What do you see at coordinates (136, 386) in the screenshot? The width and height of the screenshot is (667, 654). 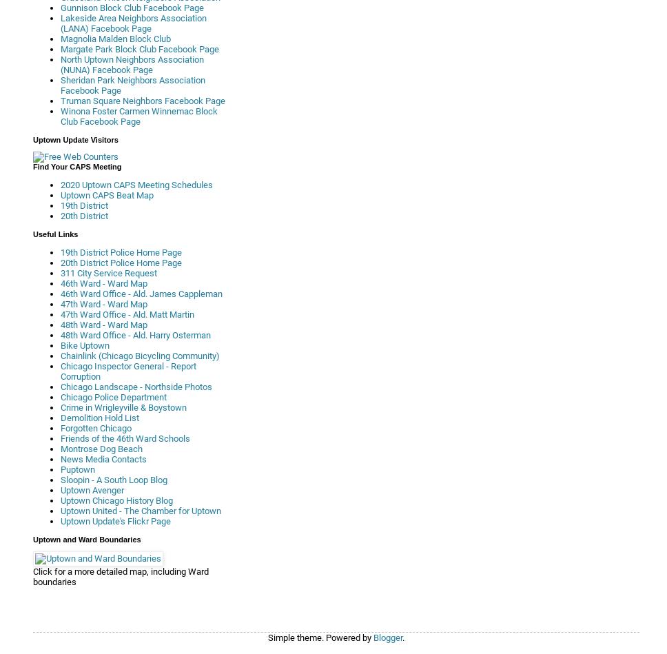 I see `'Chicago Landscape - Northside Photos'` at bounding box center [136, 386].